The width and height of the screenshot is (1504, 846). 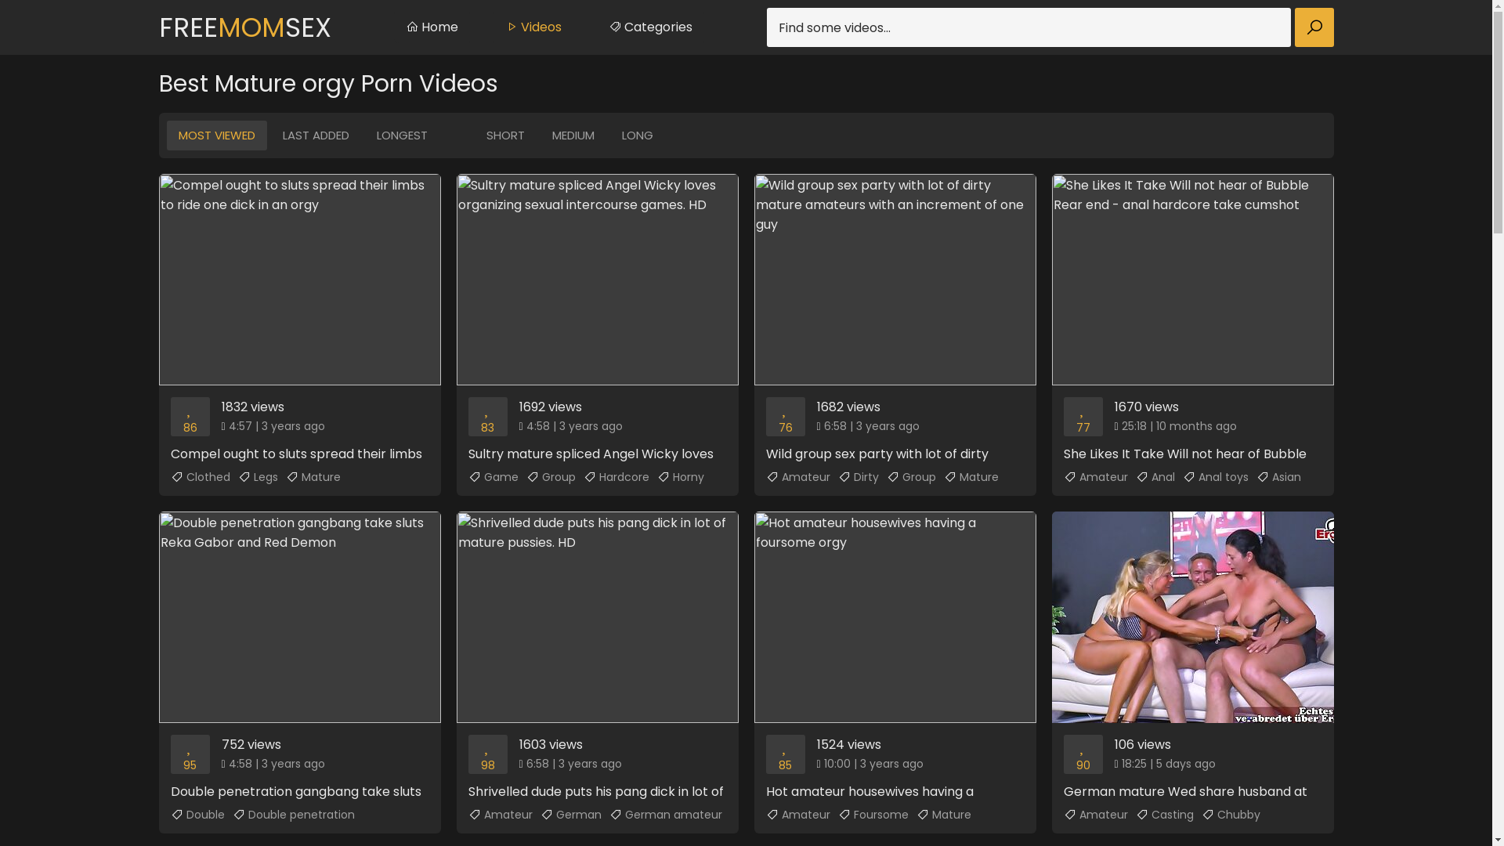 I want to click on 'Categories', so click(x=650, y=27).